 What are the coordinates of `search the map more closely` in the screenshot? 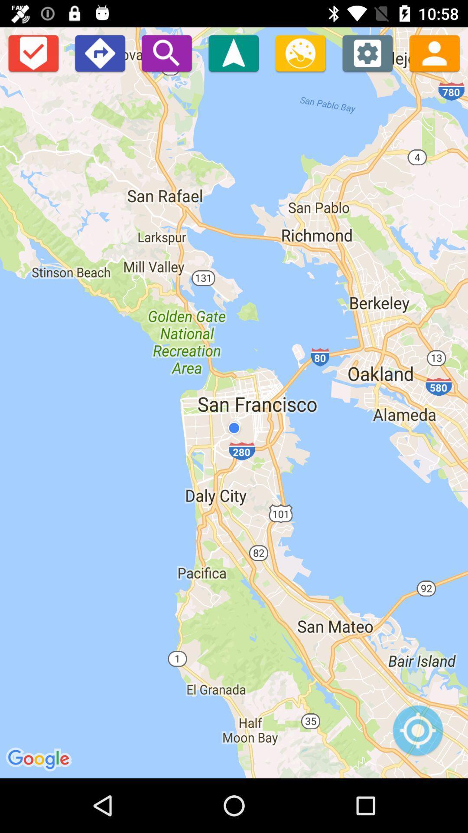 It's located at (166, 52).